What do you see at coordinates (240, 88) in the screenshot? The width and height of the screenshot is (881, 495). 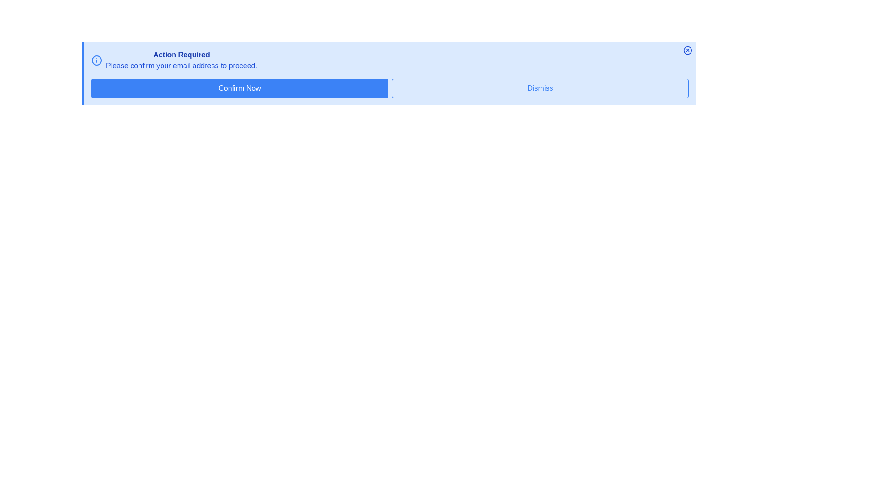 I see `the 'Confirm Now' button to confirm the action` at bounding box center [240, 88].